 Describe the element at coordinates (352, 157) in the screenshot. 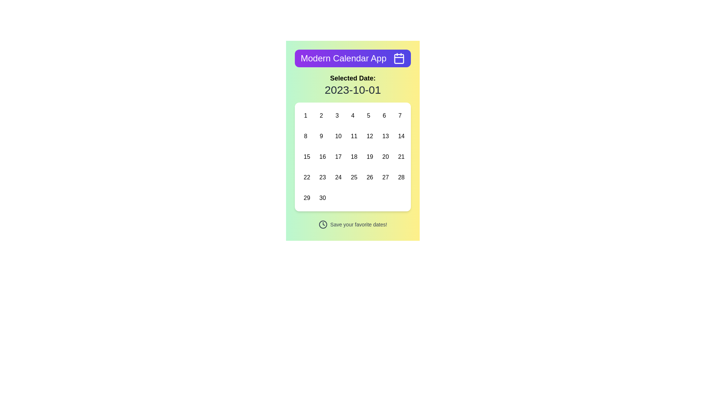

I see `a date in the grid calendar displayed below the 'Selected Date: 2023-10-01' text` at that location.